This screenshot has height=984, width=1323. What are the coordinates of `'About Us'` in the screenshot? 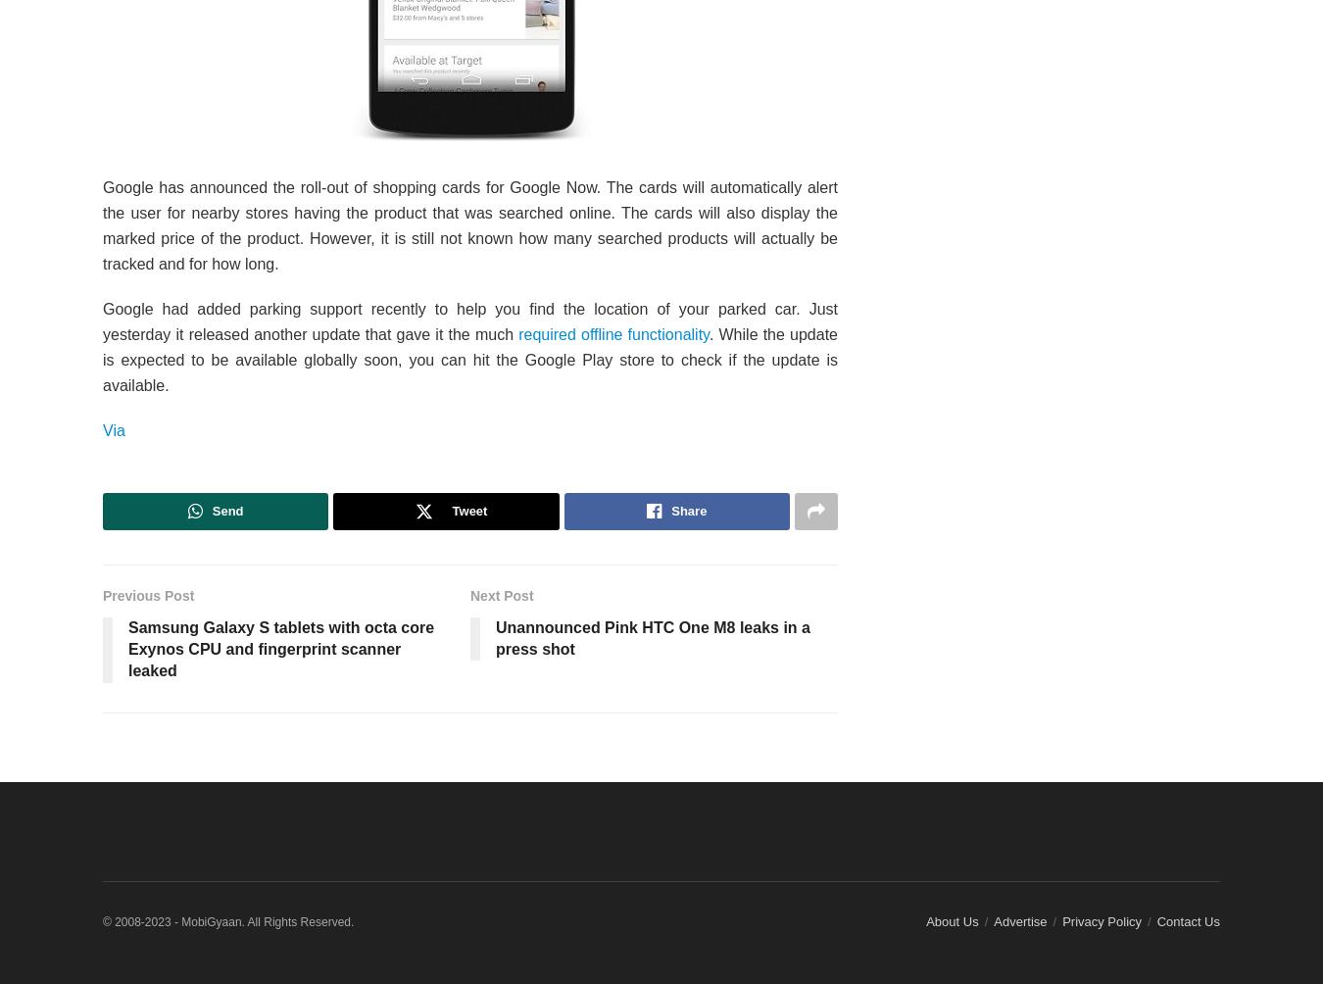 It's located at (951, 919).